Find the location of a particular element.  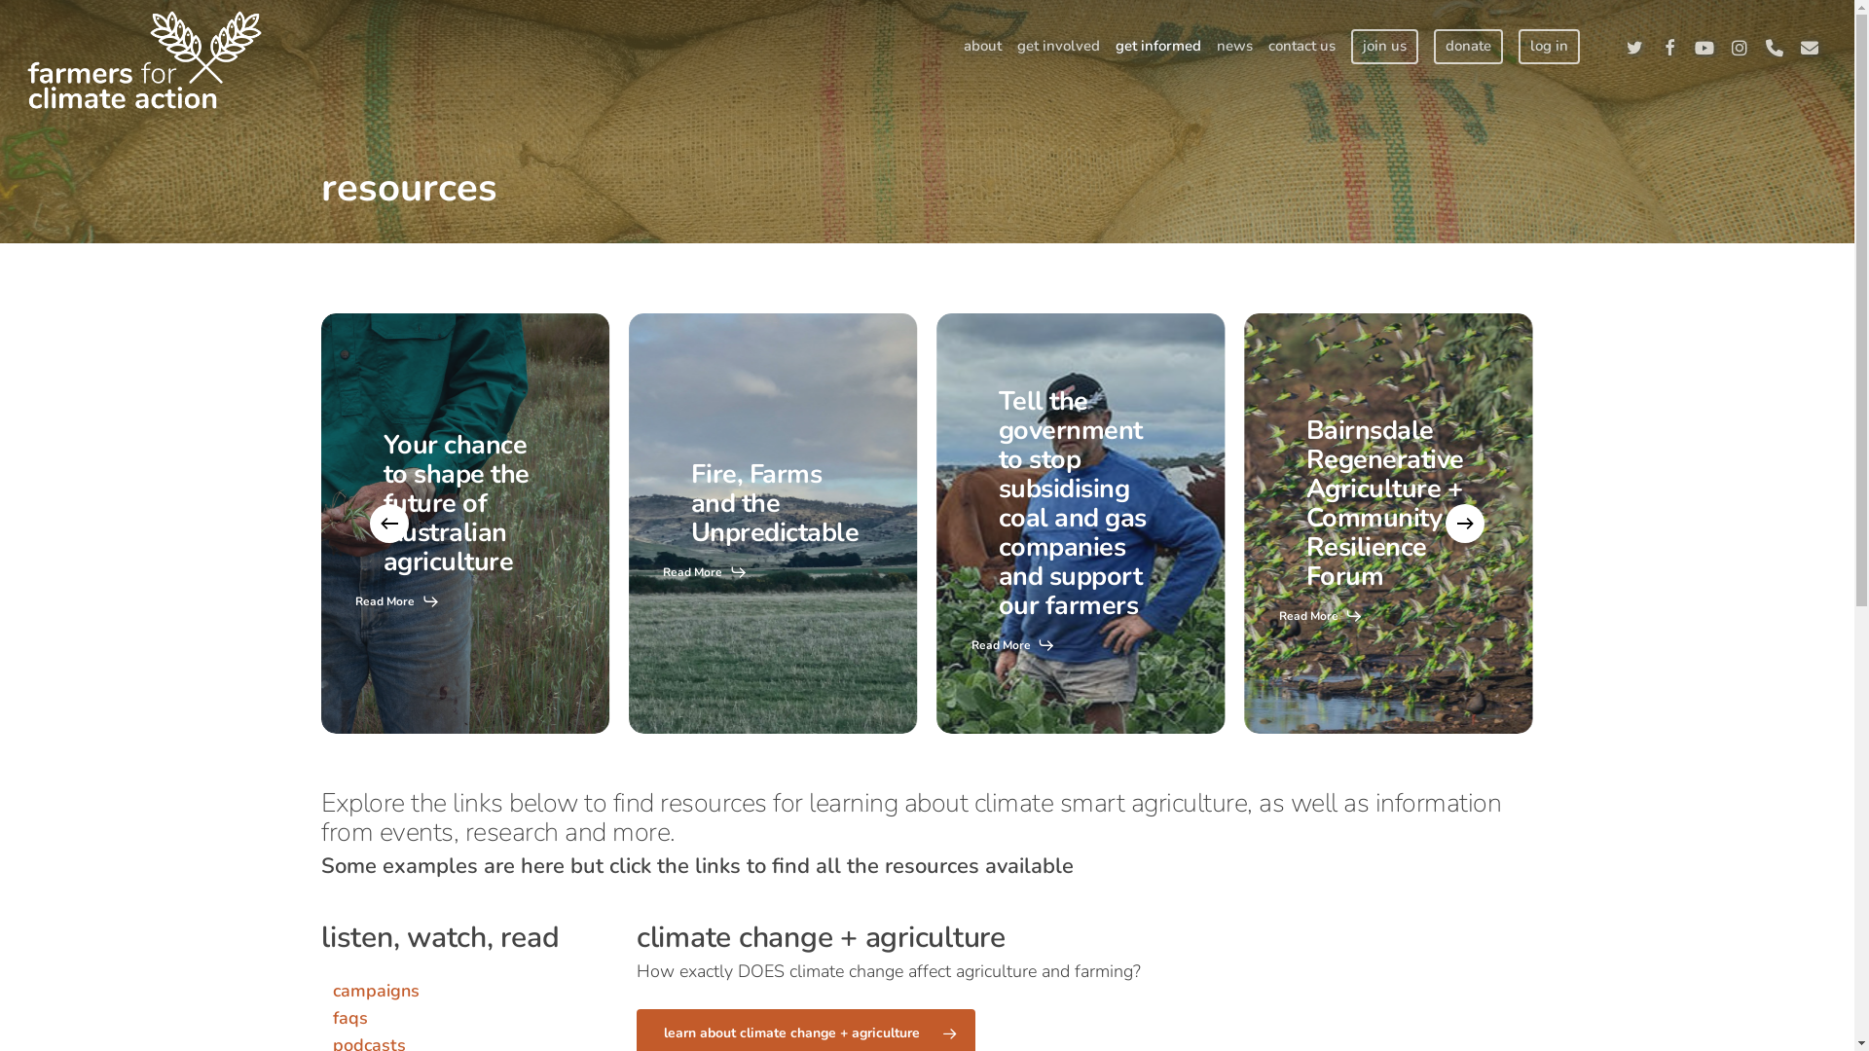

'join us' is located at coordinates (1349, 45).